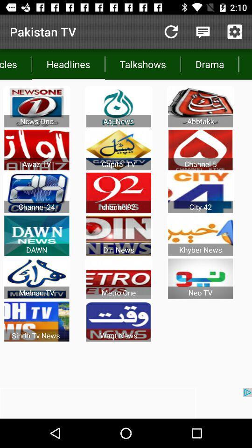 This screenshot has width=252, height=448. What do you see at coordinates (245, 63) in the screenshot?
I see `the morningshows` at bounding box center [245, 63].